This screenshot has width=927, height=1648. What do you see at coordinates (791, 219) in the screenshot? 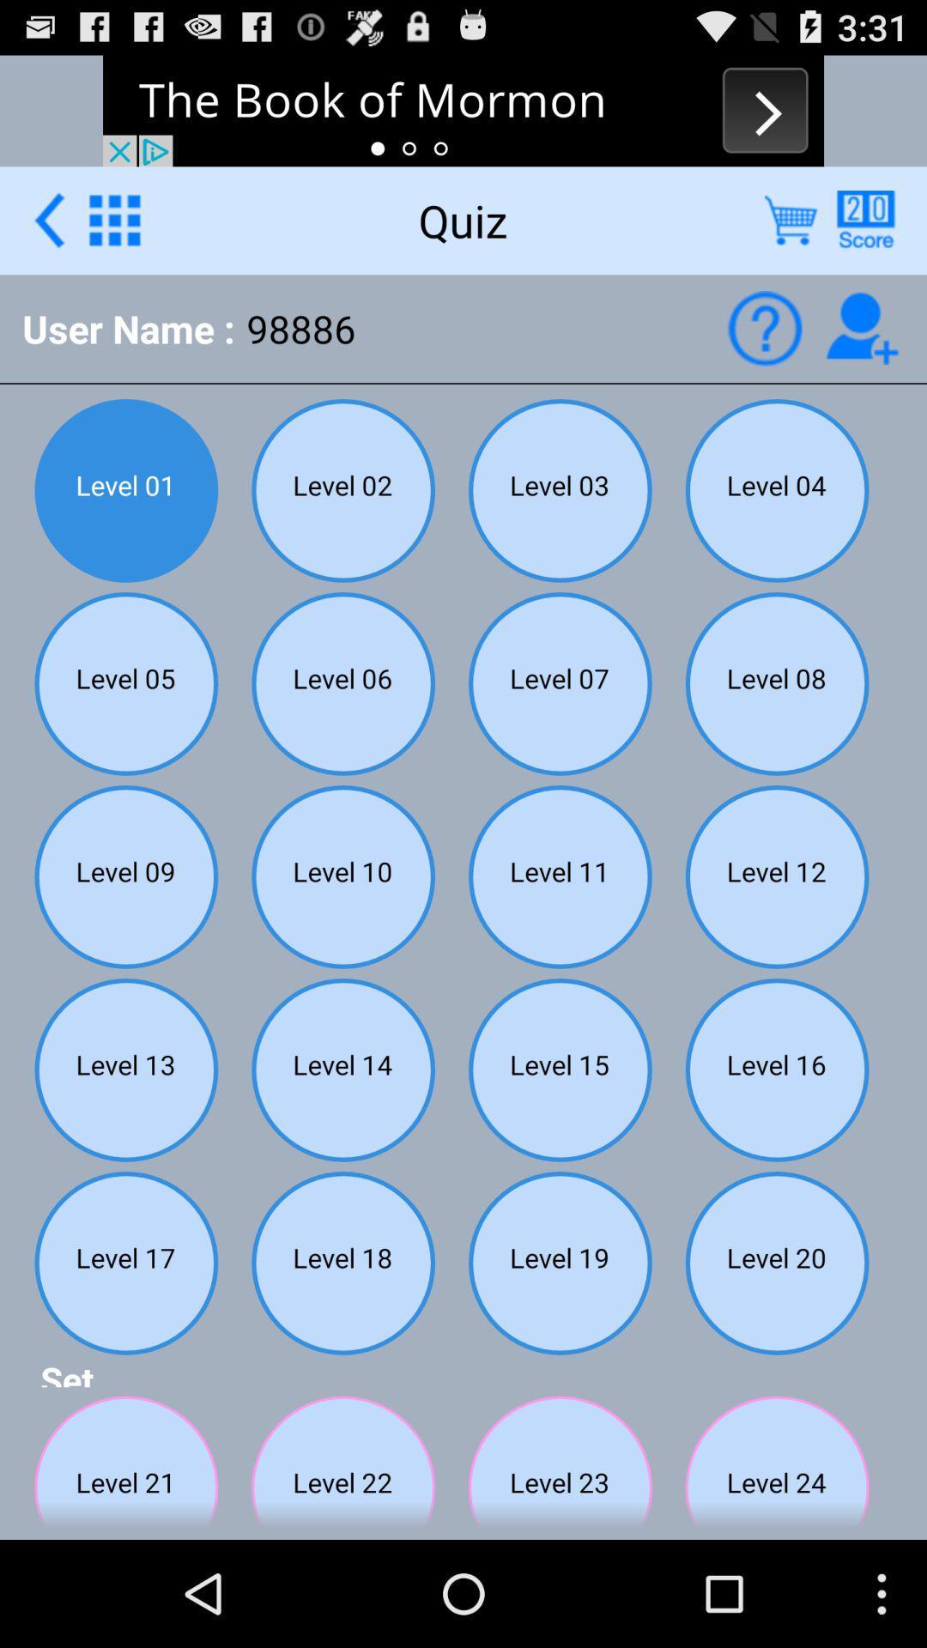
I see `shopping cart` at bounding box center [791, 219].